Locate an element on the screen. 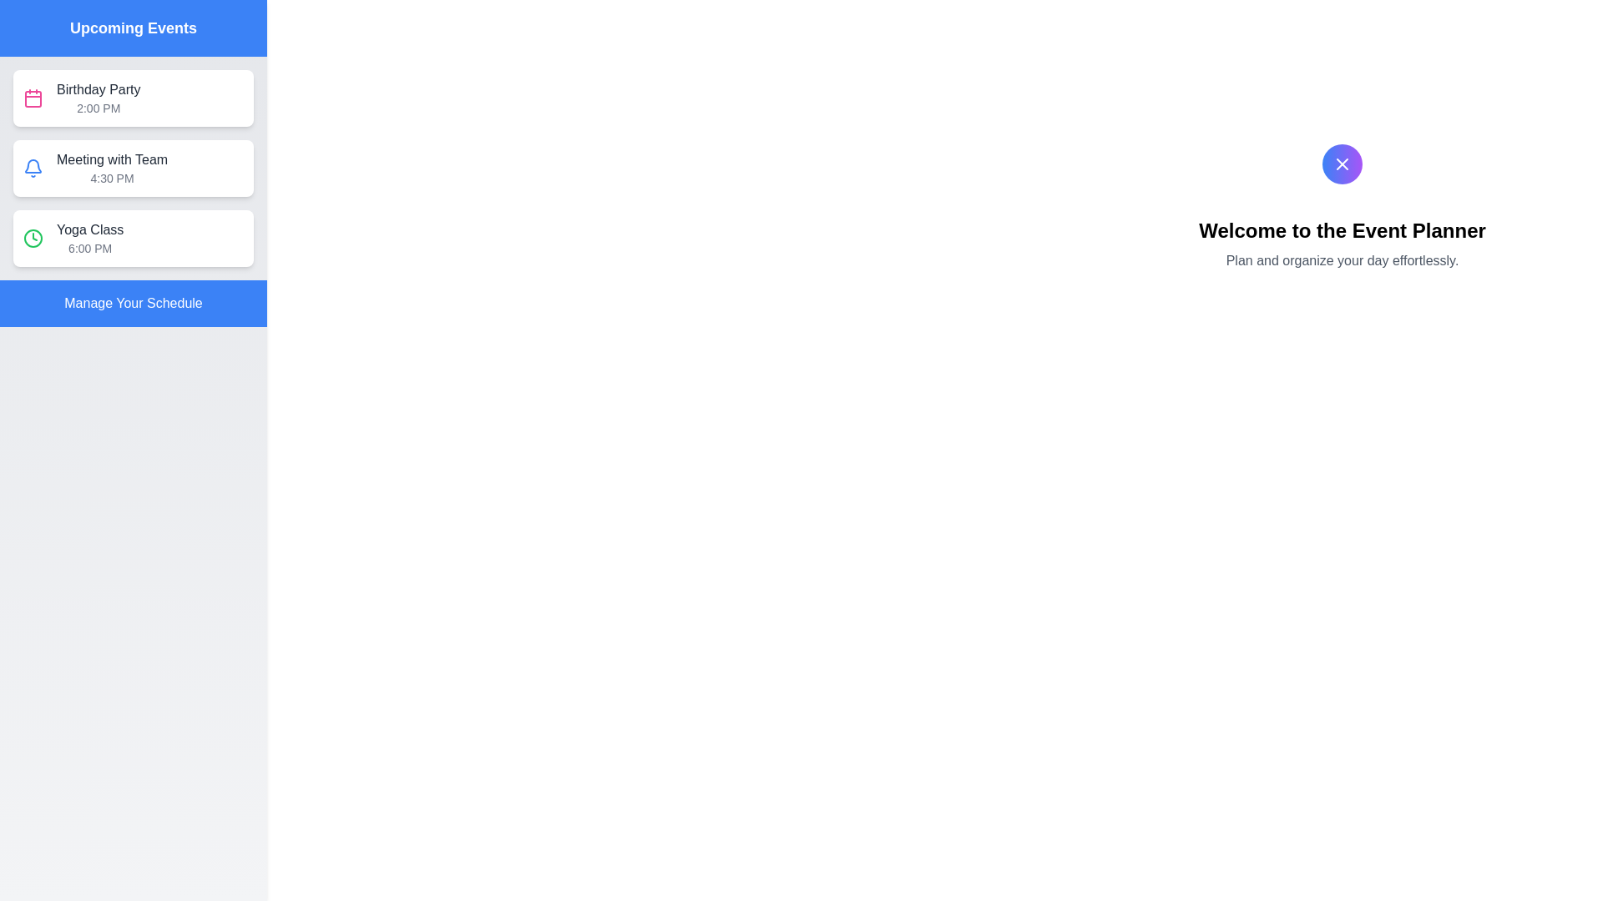 This screenshot has height=901, width=1603. text label displaying the time '2:00 PM' for the 'Birthday Party' event, located in the first event card under 'Upcoming Events' in the left column is located at coordinates (98, 108).